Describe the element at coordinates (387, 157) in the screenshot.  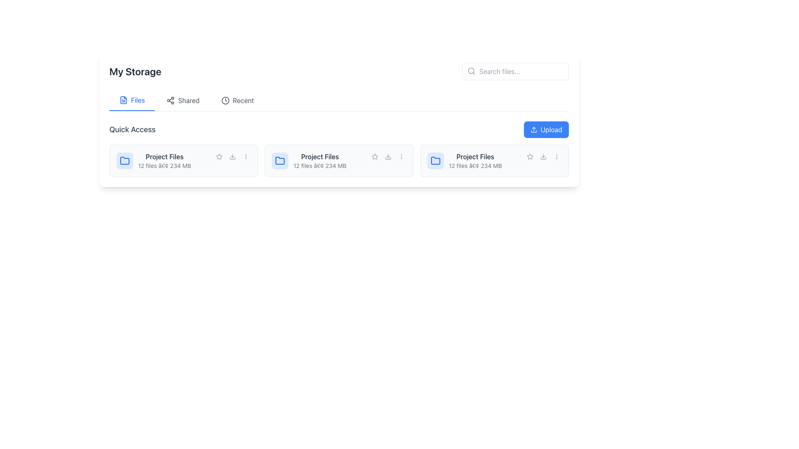
I see `the button that initiates the download action for 'Project Files', located between the star icon and the vertical ellipsis in the action controls` at that location.